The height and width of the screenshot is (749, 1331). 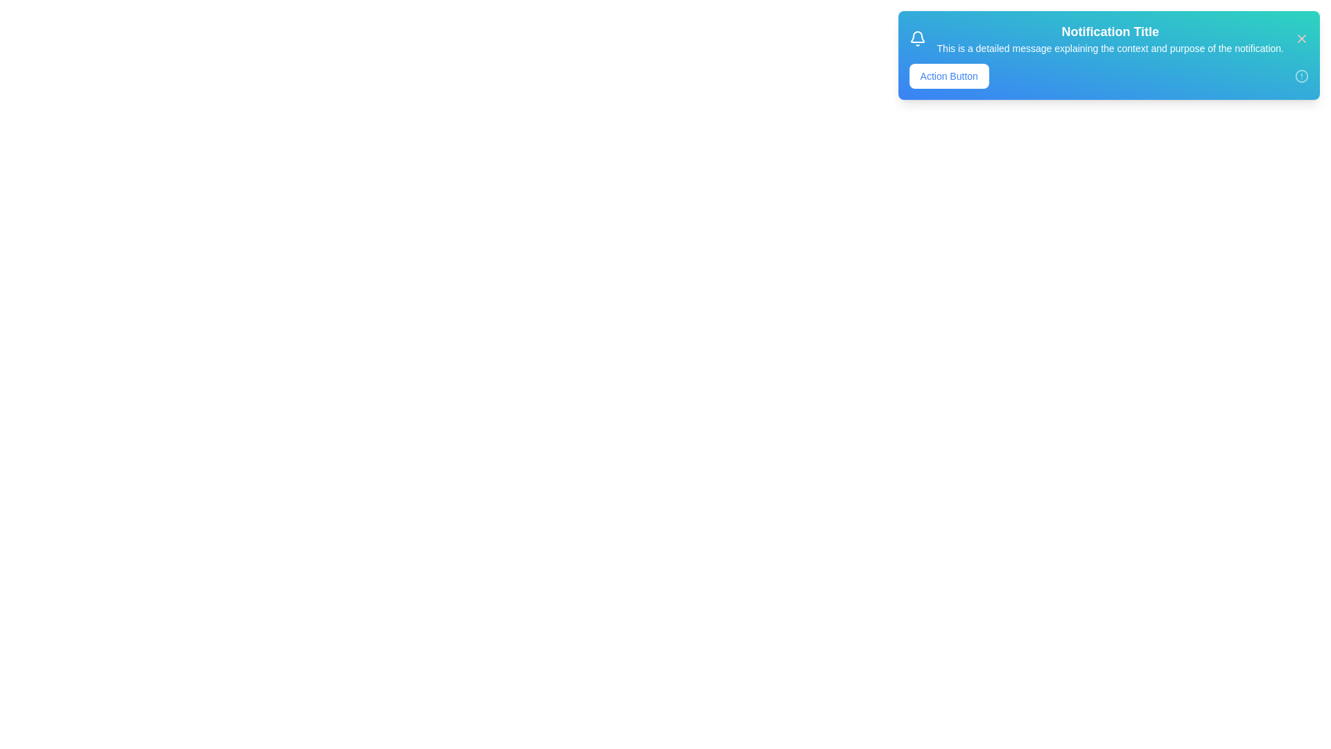 I want to click on the text of the title and message for copying, so click(x=936, y=21).